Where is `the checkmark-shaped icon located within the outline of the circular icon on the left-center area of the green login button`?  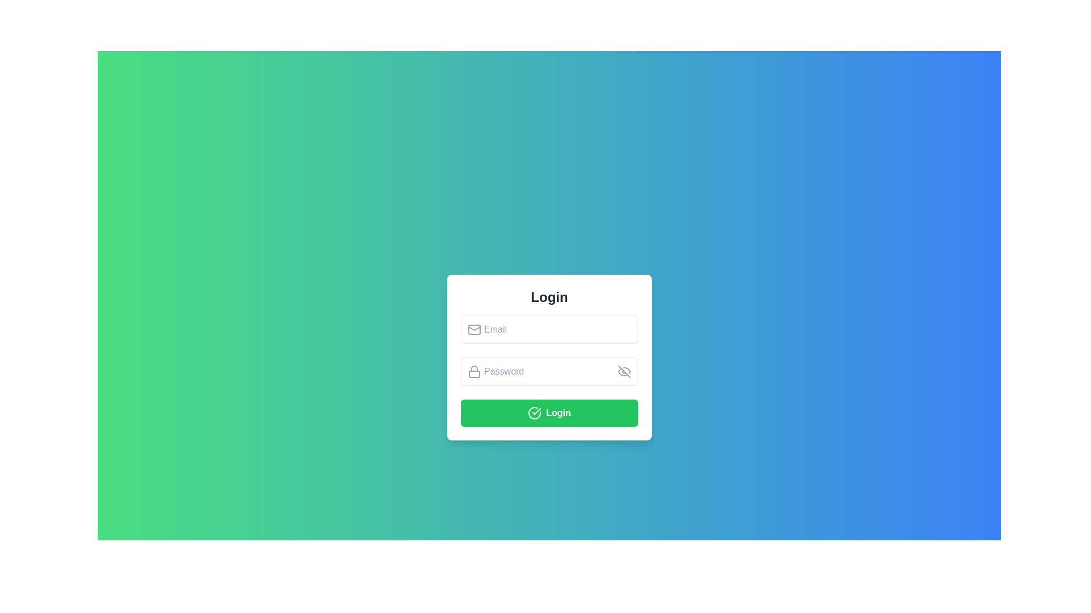 the checkmark-shaped icon located within the outline of the circular icon on the left-center area of the green login button is located at coordinates (536, 412).